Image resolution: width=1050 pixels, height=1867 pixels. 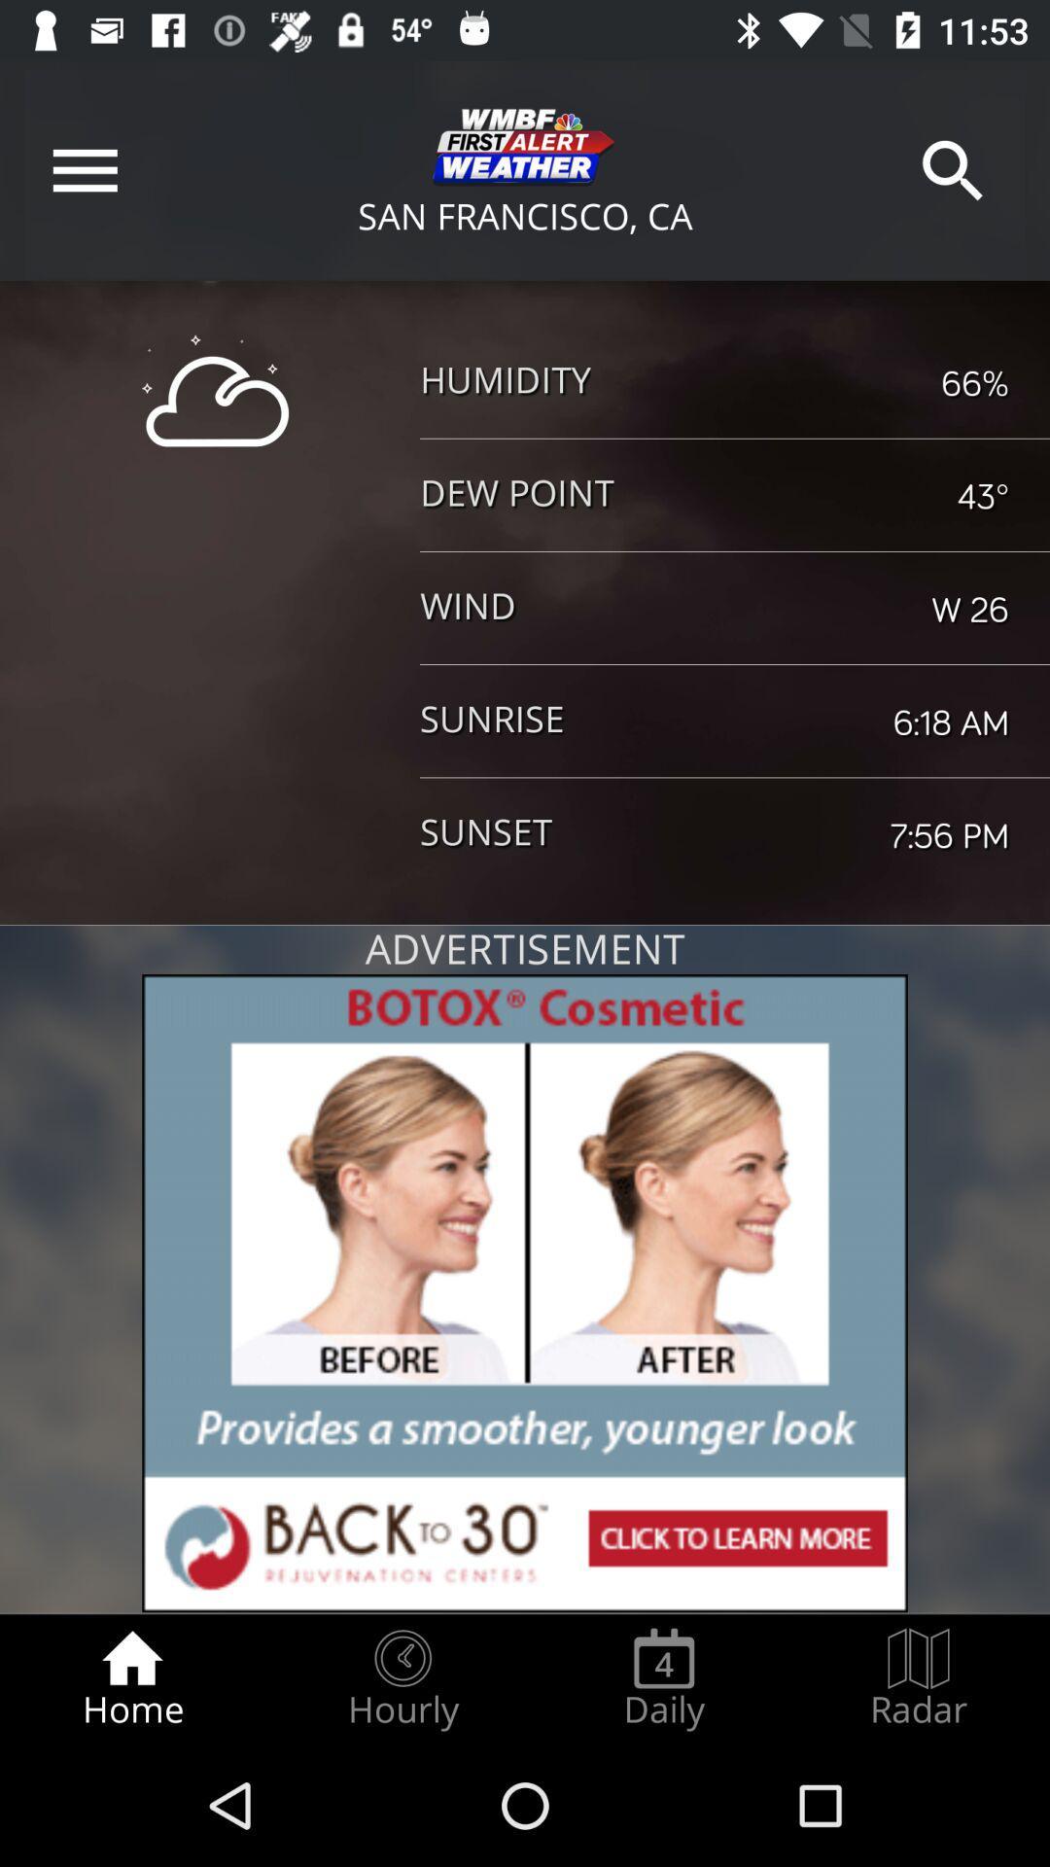 What do you see at coordinates (131, 1678) in the screenshot?
I see `home item` at bounding box center [131, 1678].